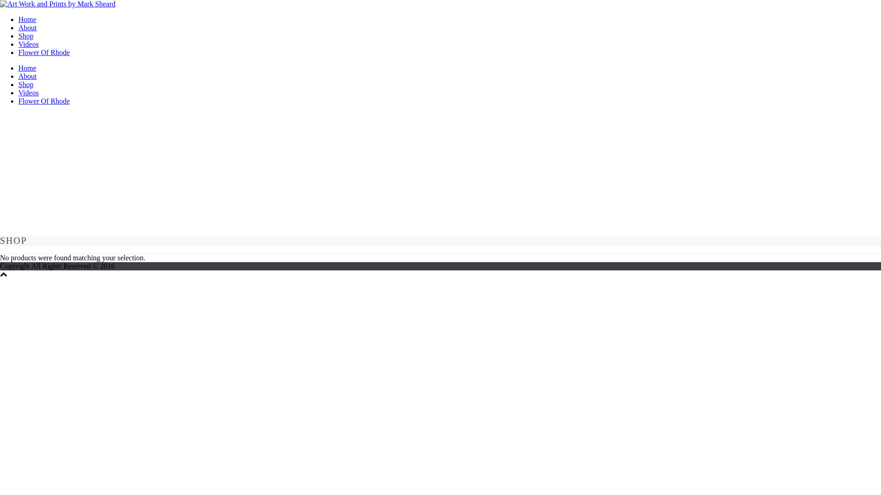  I want to click on 'Home', so click(27, 19).